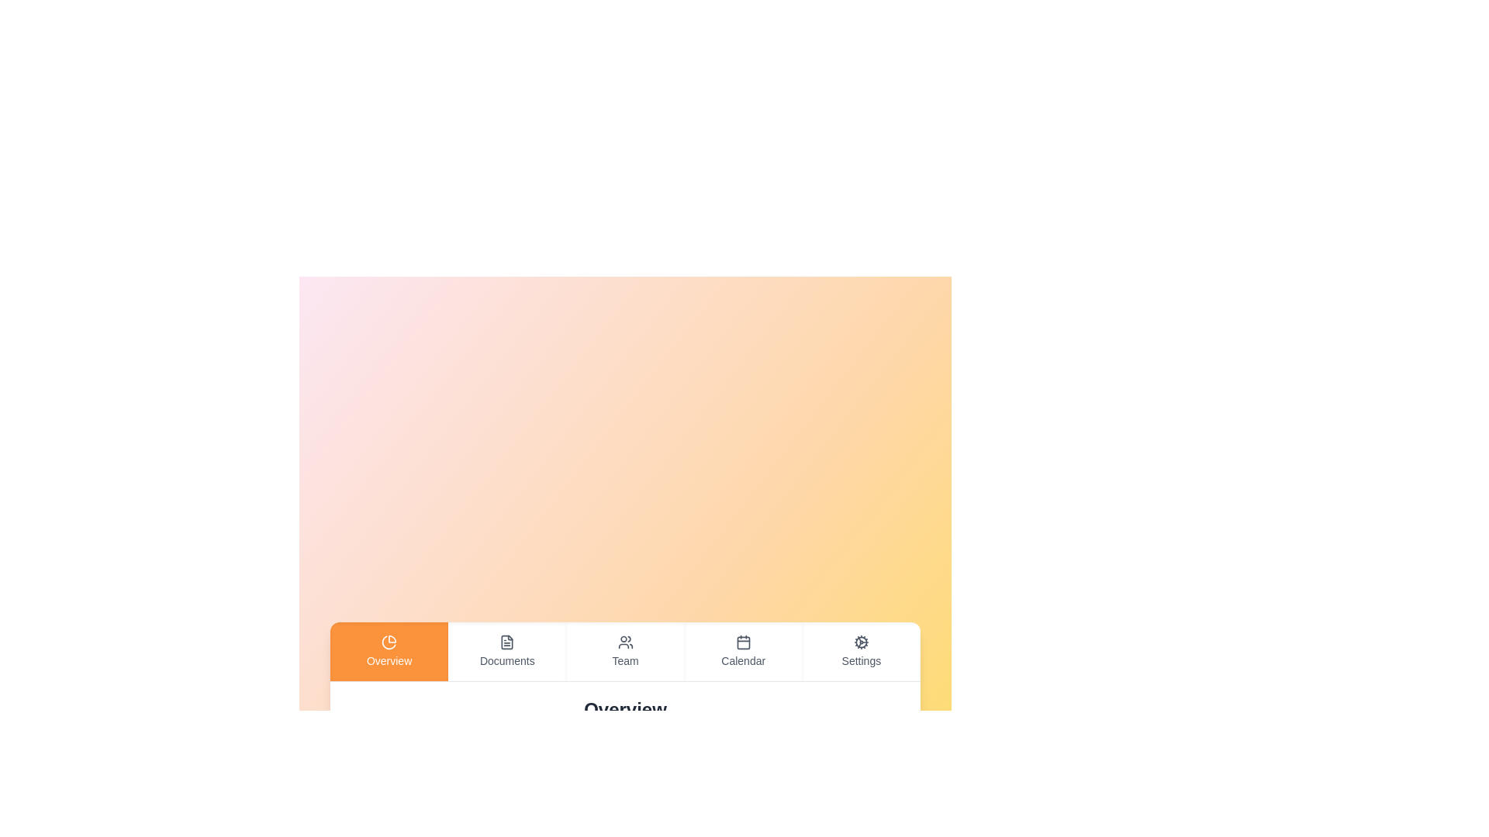 The image size is (1489, 837). I want to click on the 'Team' icon located in the navigation bar, which serves as an intuitive cue for users, so click(625, 642).